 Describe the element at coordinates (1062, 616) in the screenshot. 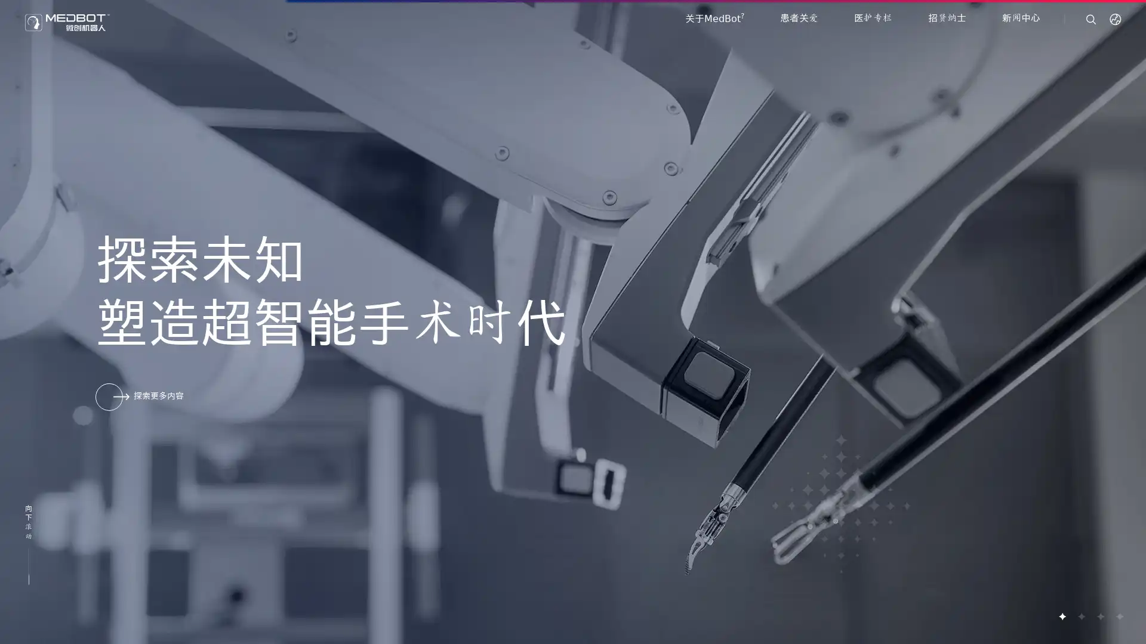

I see `Go to slide 1` at that location.